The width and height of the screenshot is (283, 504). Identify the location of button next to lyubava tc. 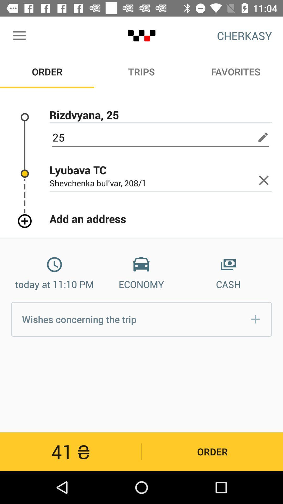
(264, 180).